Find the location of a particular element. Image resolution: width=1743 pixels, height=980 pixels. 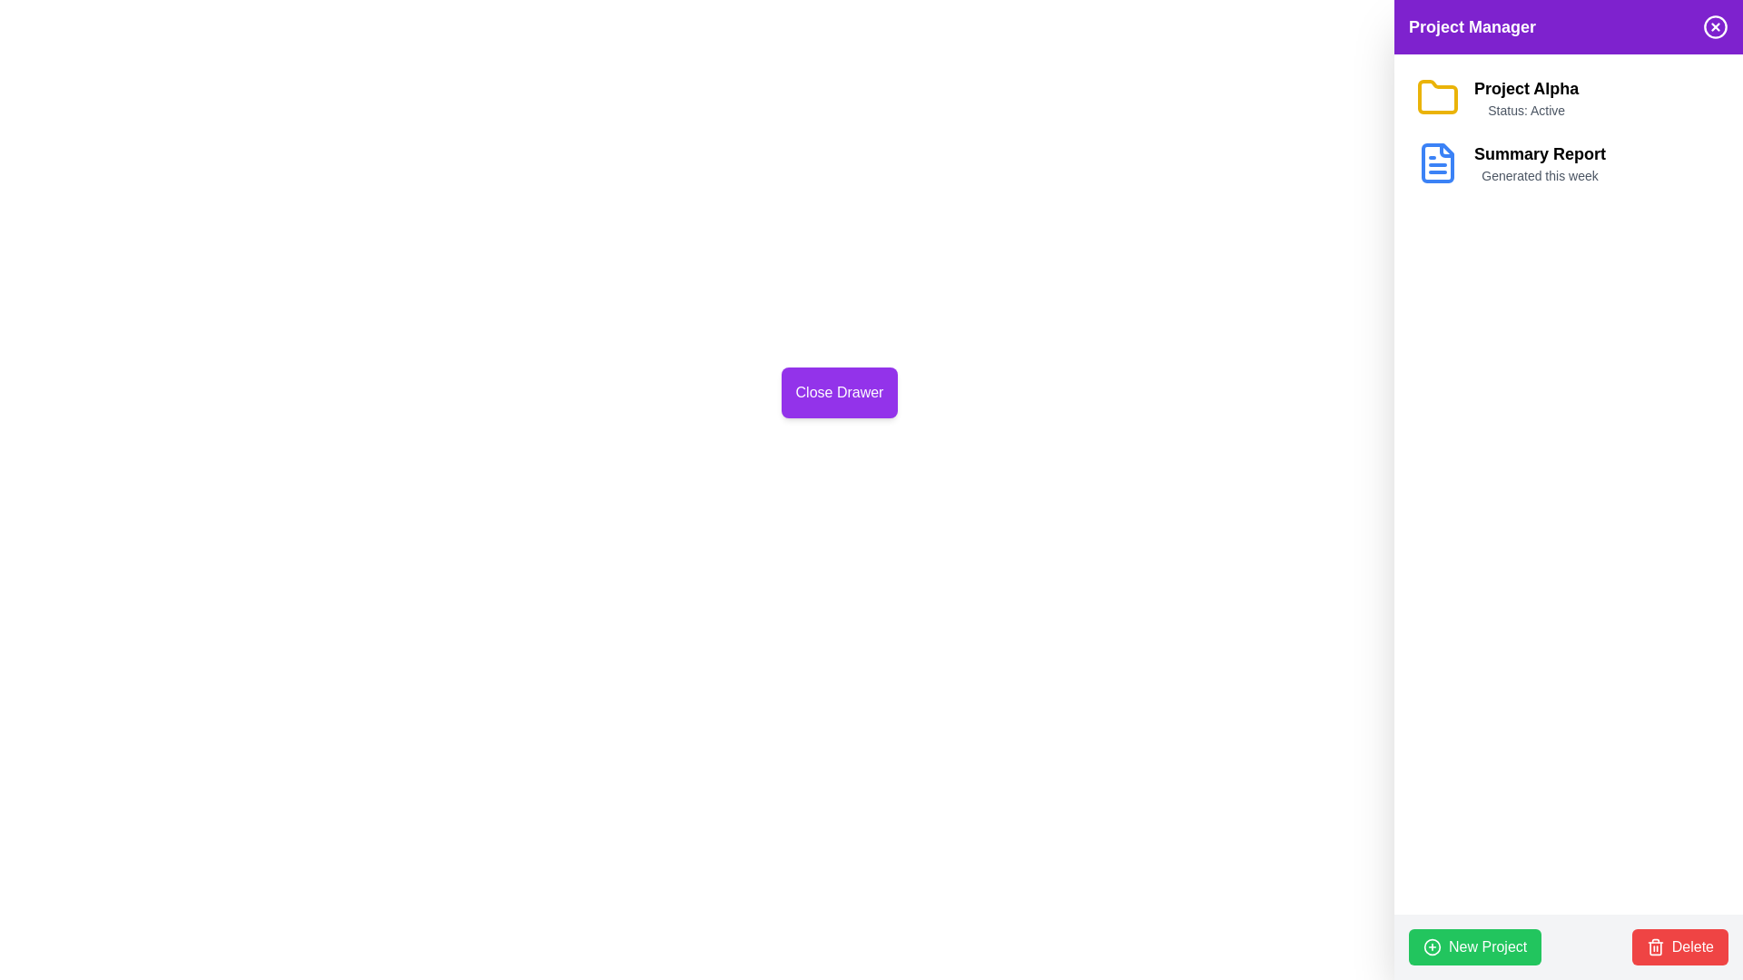

the Informative Panel located below the 'Project Alpha' section in the sidebar, which provides an overview or summary related to reports is located at coordinates (1568, 163).